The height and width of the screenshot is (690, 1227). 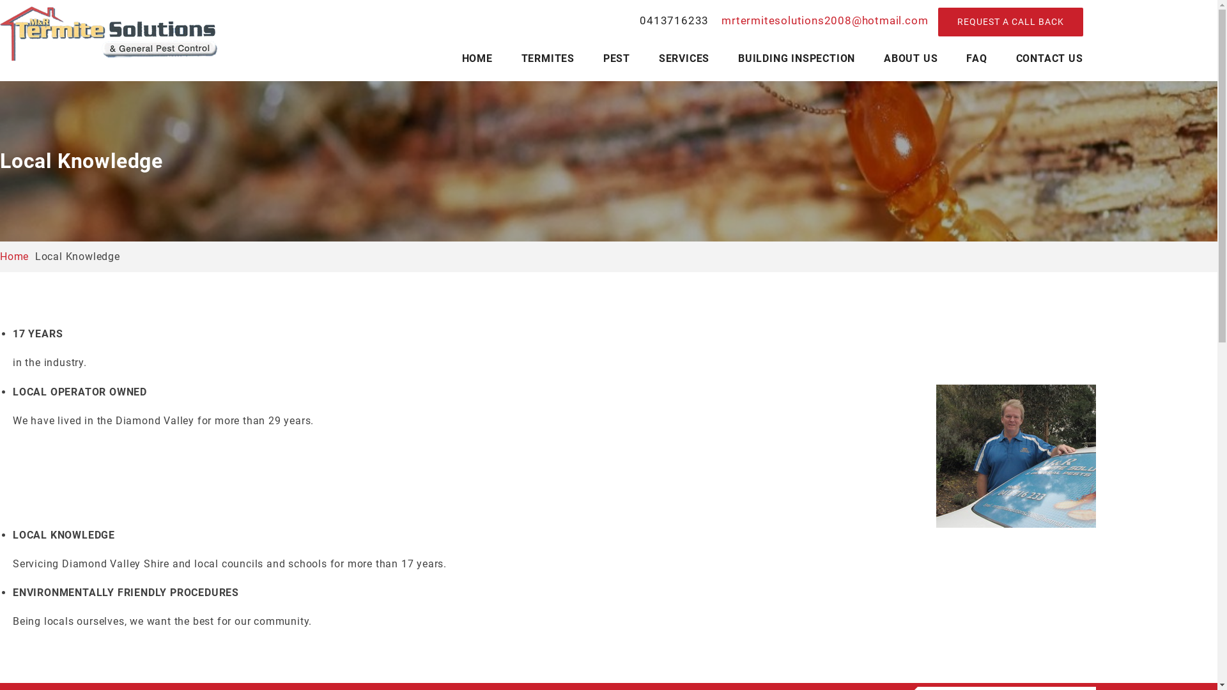 What do you see at coordinates (548, 59) in the screenshot?
I see `'TERMITES'` at bounding box center [548, 59].